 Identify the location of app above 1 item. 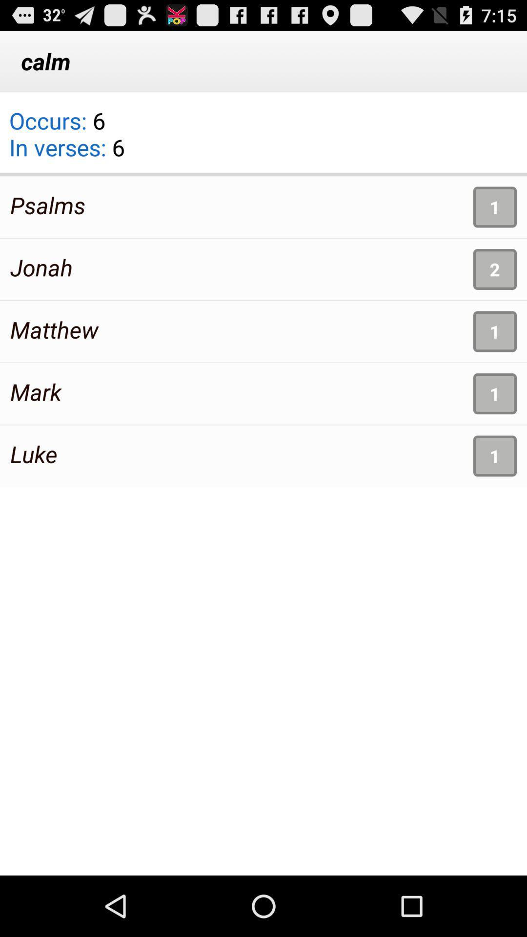
(263, 174).